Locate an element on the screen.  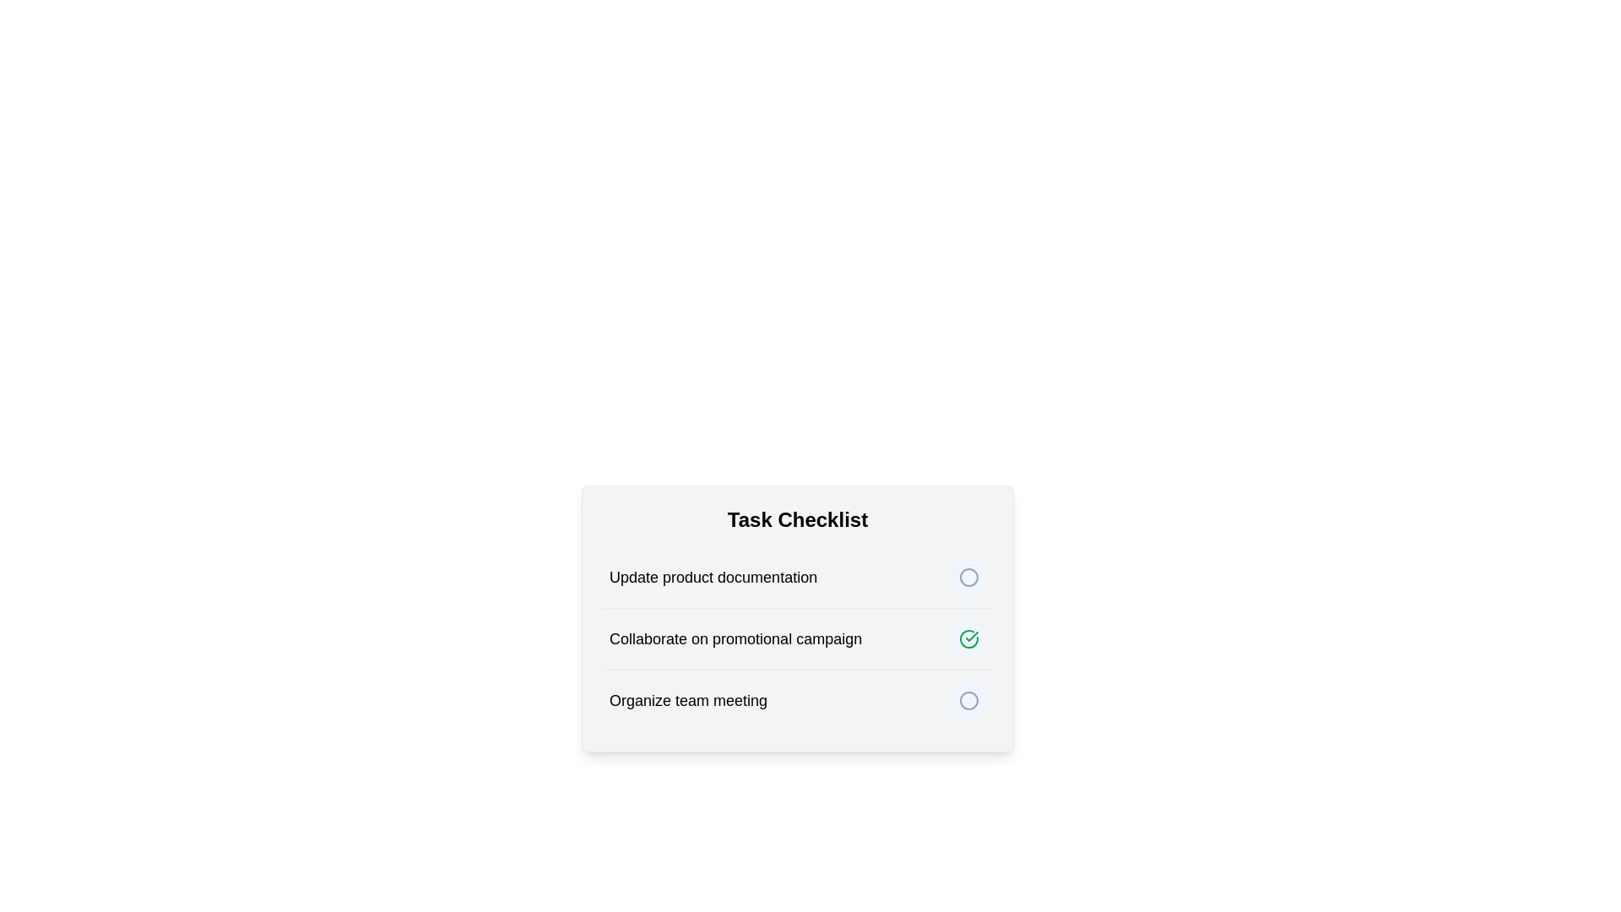
the green checkmark icon located to the right side of the second item in the 'Task Checklist' is located at coordinates (972, 636).